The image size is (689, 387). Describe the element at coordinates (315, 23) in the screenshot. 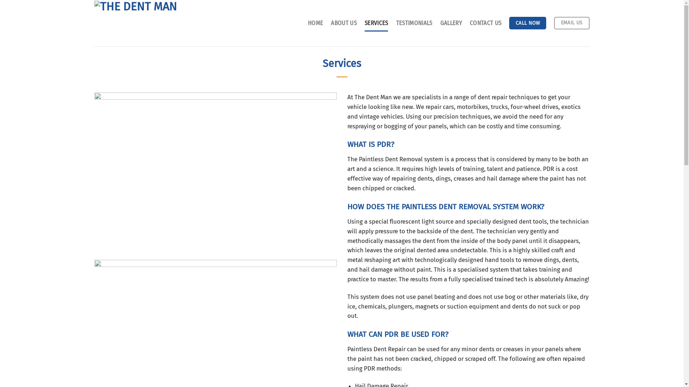

I see `'HOME'` at that location.